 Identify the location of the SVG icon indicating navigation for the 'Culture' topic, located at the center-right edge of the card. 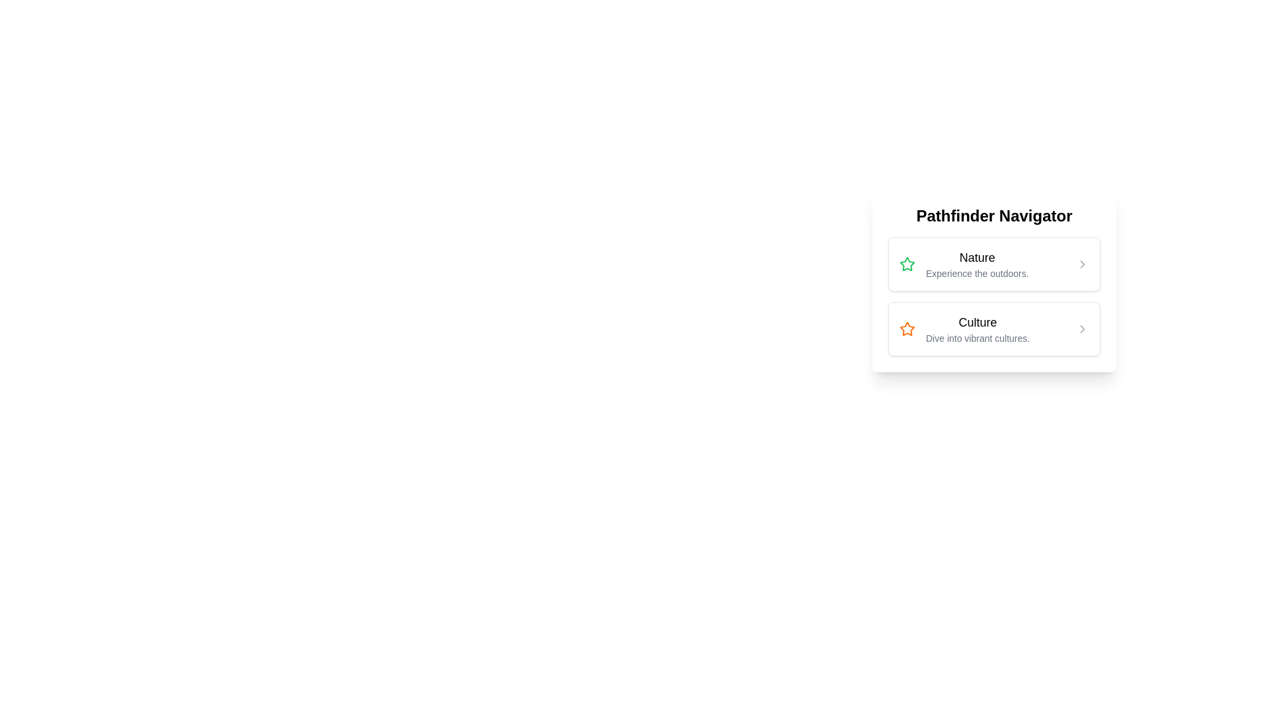
(1082, 328).